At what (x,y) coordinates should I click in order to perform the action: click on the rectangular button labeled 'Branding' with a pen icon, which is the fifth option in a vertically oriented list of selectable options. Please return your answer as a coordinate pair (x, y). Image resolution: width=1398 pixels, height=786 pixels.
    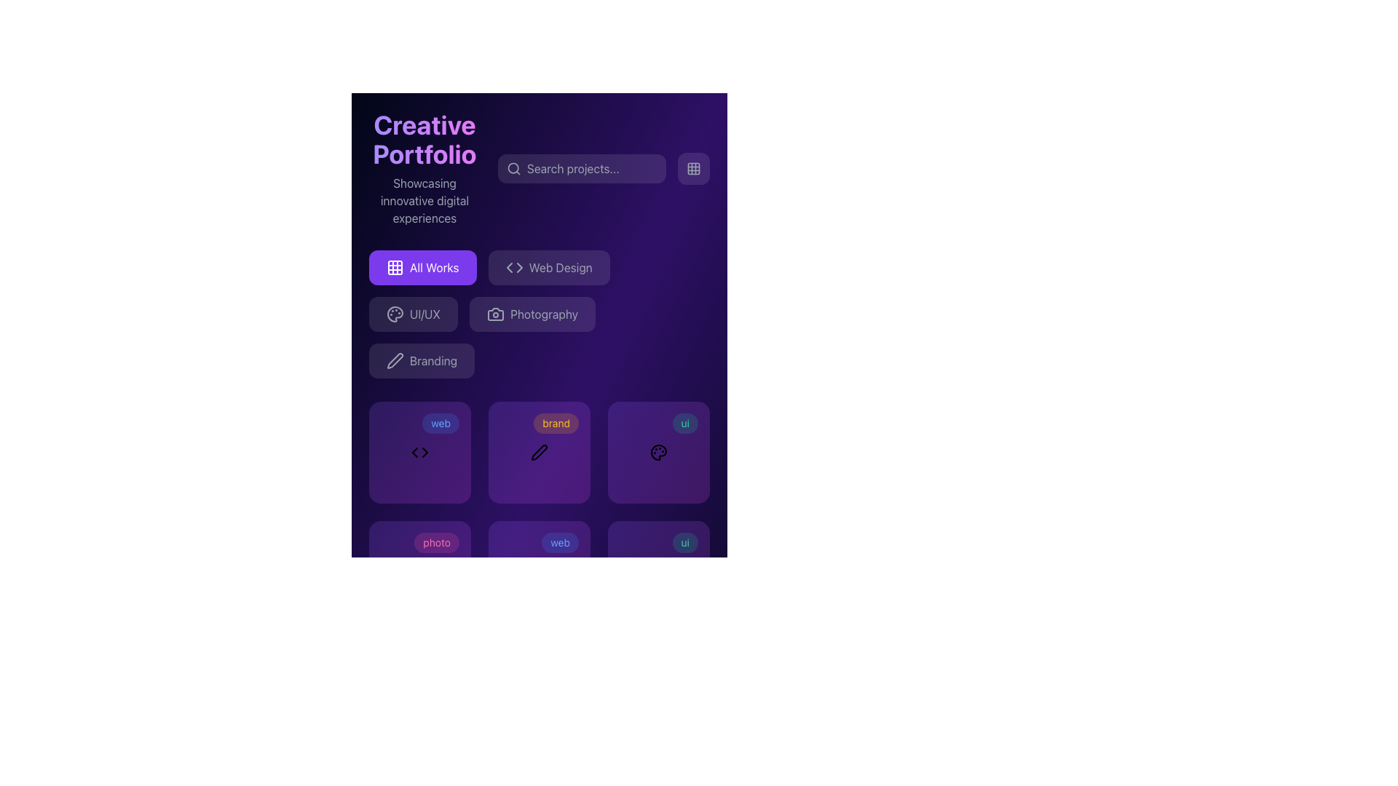
    Looking at the image, I should click on (421, 360).